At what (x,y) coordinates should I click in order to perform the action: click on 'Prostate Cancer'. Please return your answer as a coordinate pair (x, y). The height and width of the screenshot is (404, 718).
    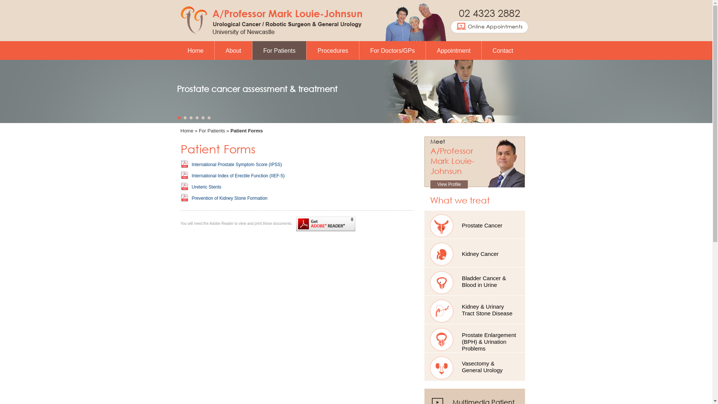
    Looking at the image, I should click on (424, 224).